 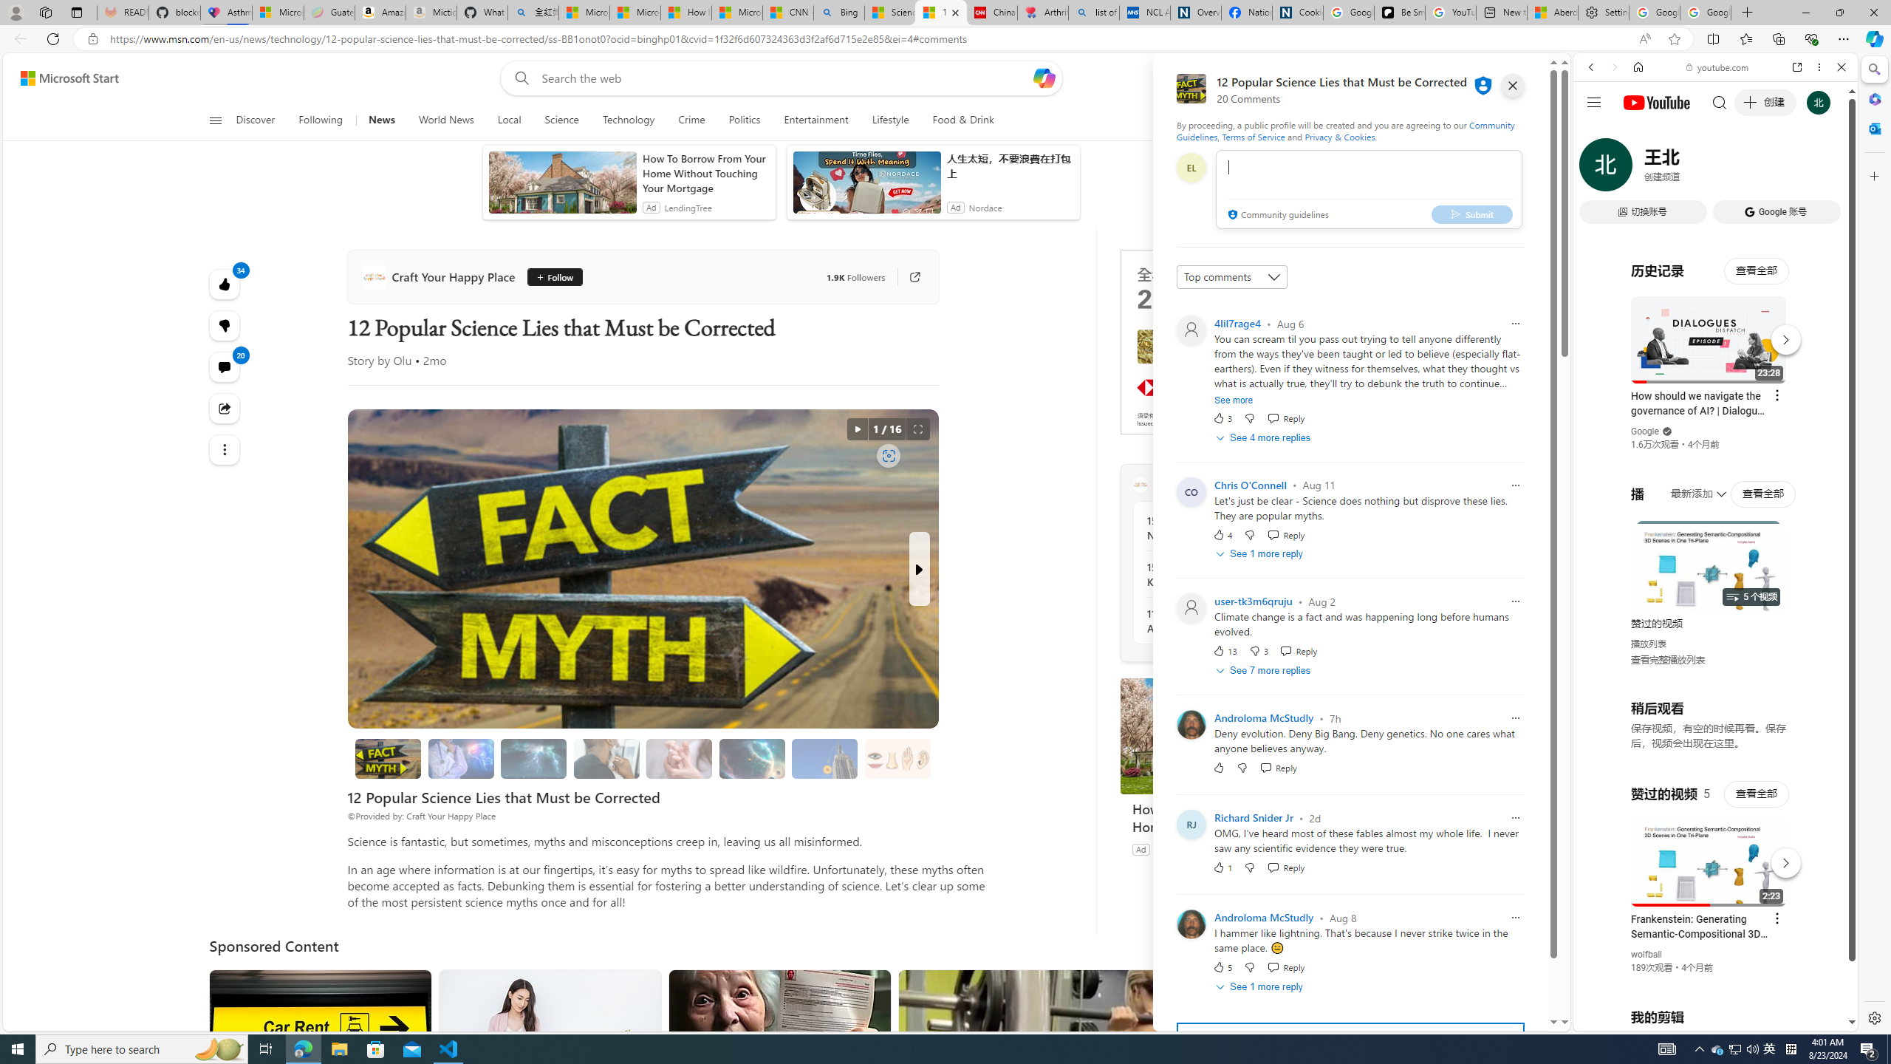 What do you see at coordinates (1223, 650) in the screenshot?
I see `'13 Like'` at bounding box center [1223, 650].